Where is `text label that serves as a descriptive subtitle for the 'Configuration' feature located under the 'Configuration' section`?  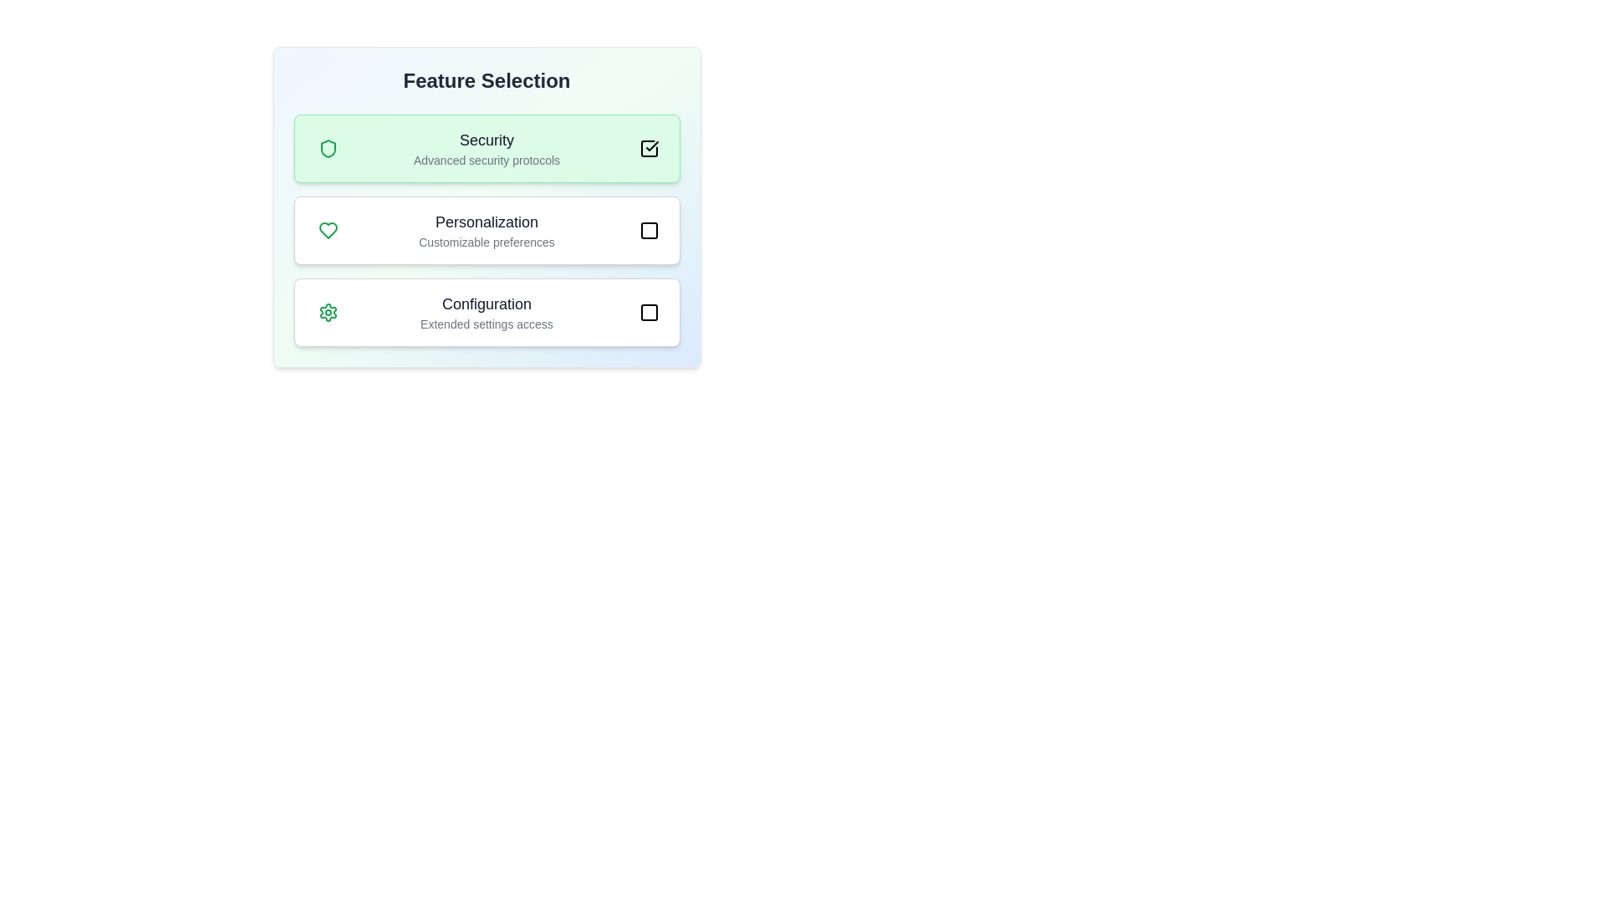
text label that serves as a descriptive subtitle for the 'Configuration' feature located under the 'Configuration' section is located at coordinates (486, 324).